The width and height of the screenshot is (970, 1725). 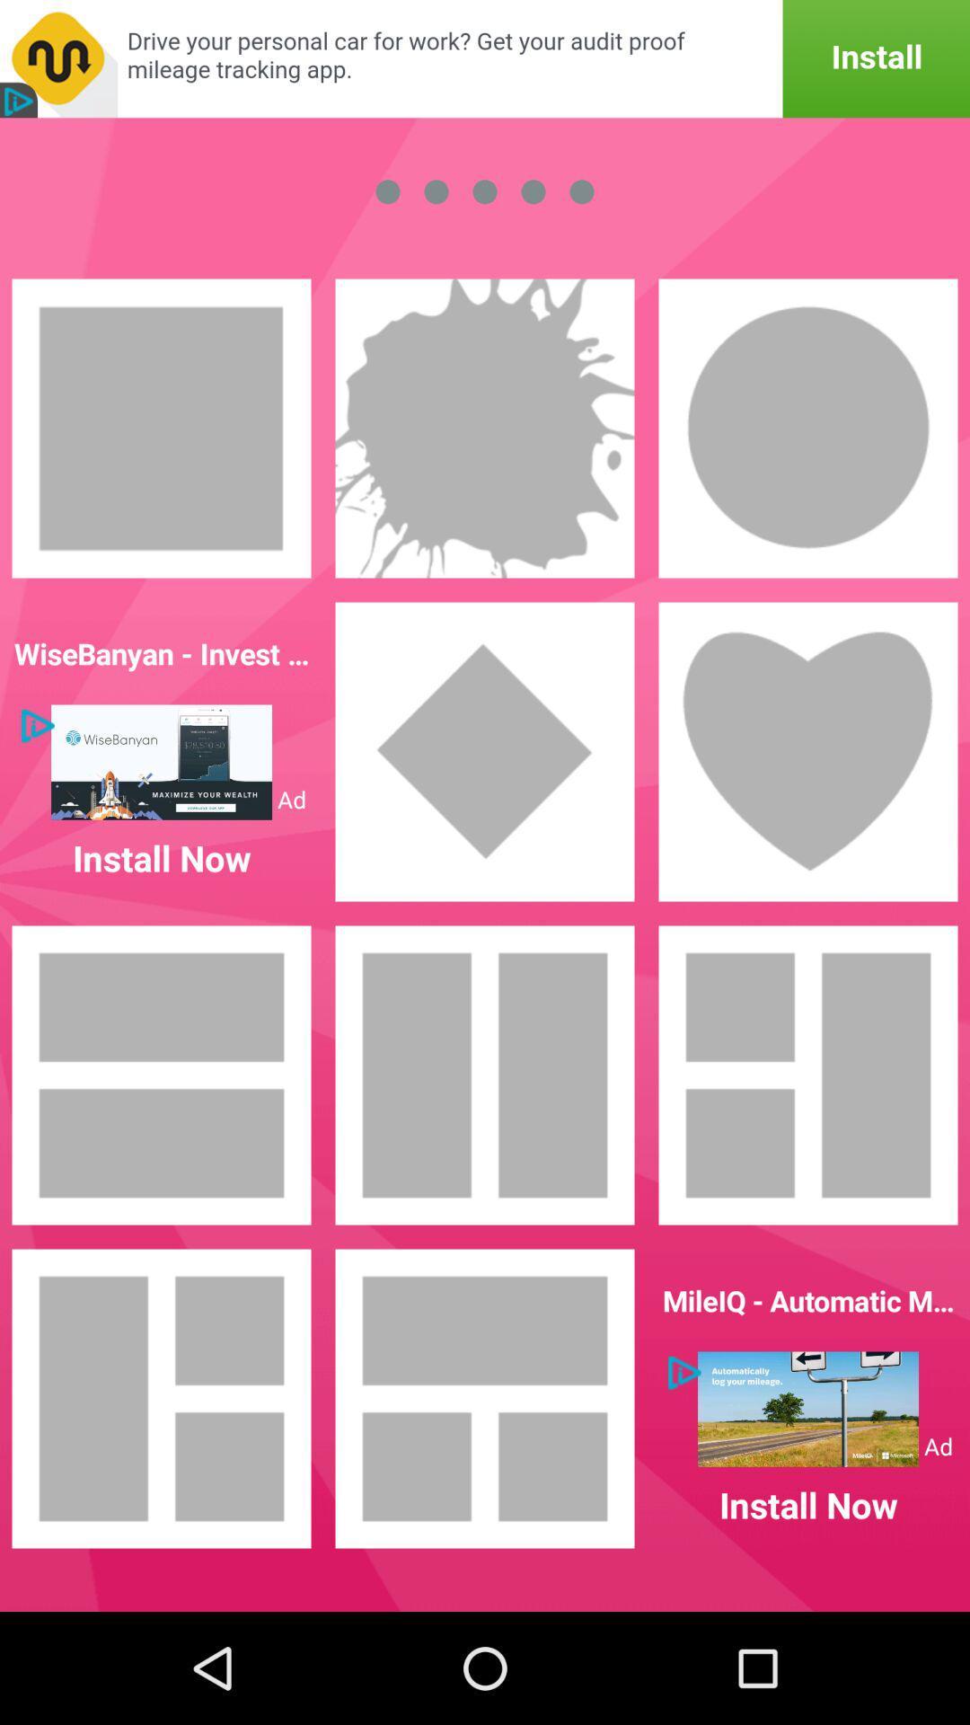 What do you see at coordinates (807, 751) in the screenshot?
I see `choose heart layout` at bounding box center [807, 751].